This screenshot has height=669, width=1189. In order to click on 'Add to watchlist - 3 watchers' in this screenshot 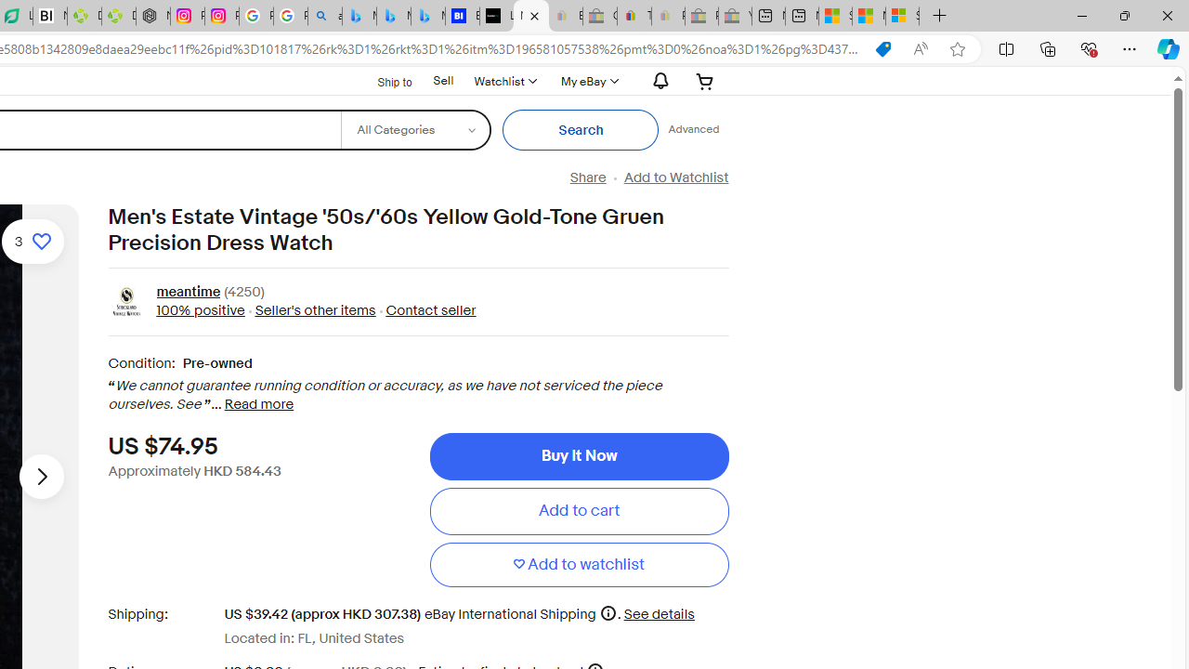, I will do `click(33, 240)`.